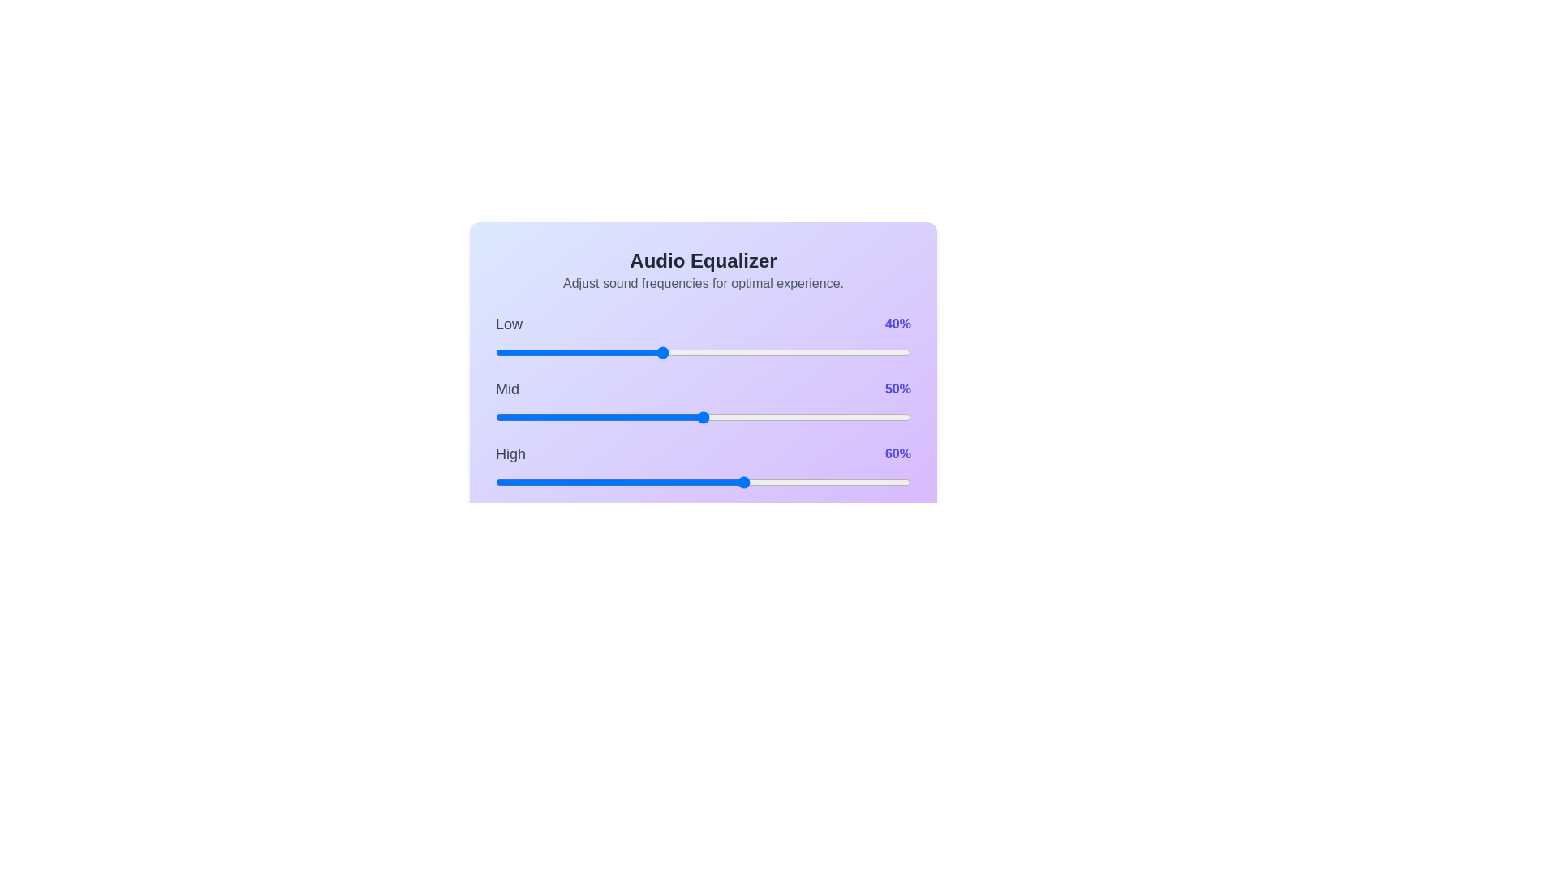  What do you see at coordinates (744, 481) in the screenshot?
I see `the high frequency slider to 60%` at bounding box center [744, 481].